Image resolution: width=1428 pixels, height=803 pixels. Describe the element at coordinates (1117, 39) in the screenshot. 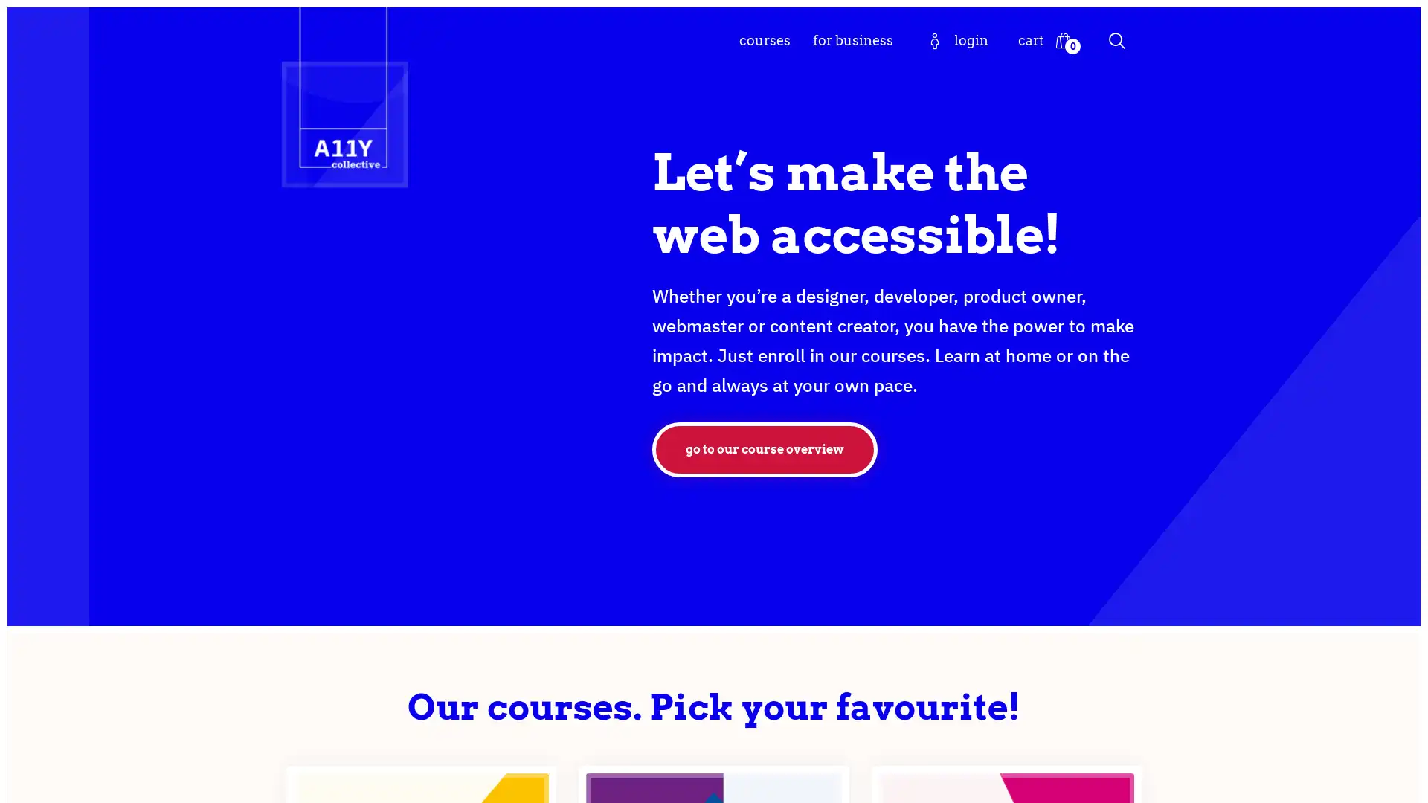

I see `Search` at that location.